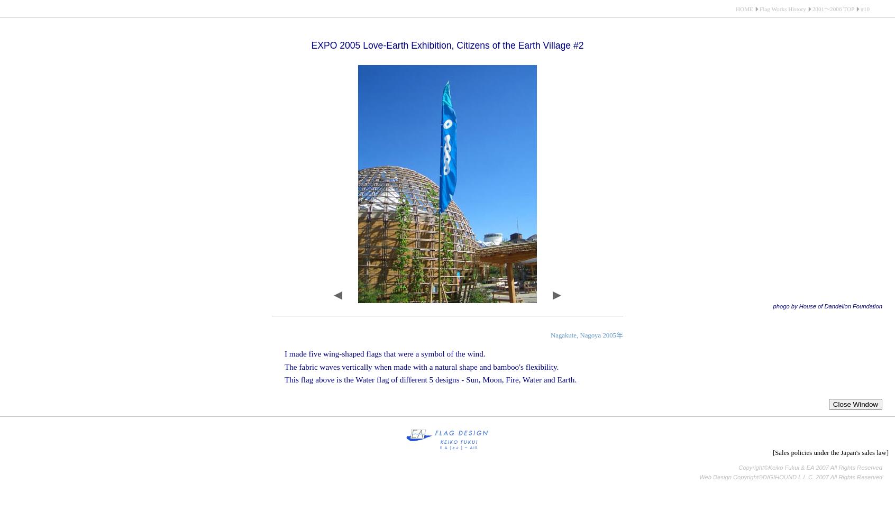  I want to click on 'I made five wing-shaped flags that were a symbol of the wind.', so click(384, 353).